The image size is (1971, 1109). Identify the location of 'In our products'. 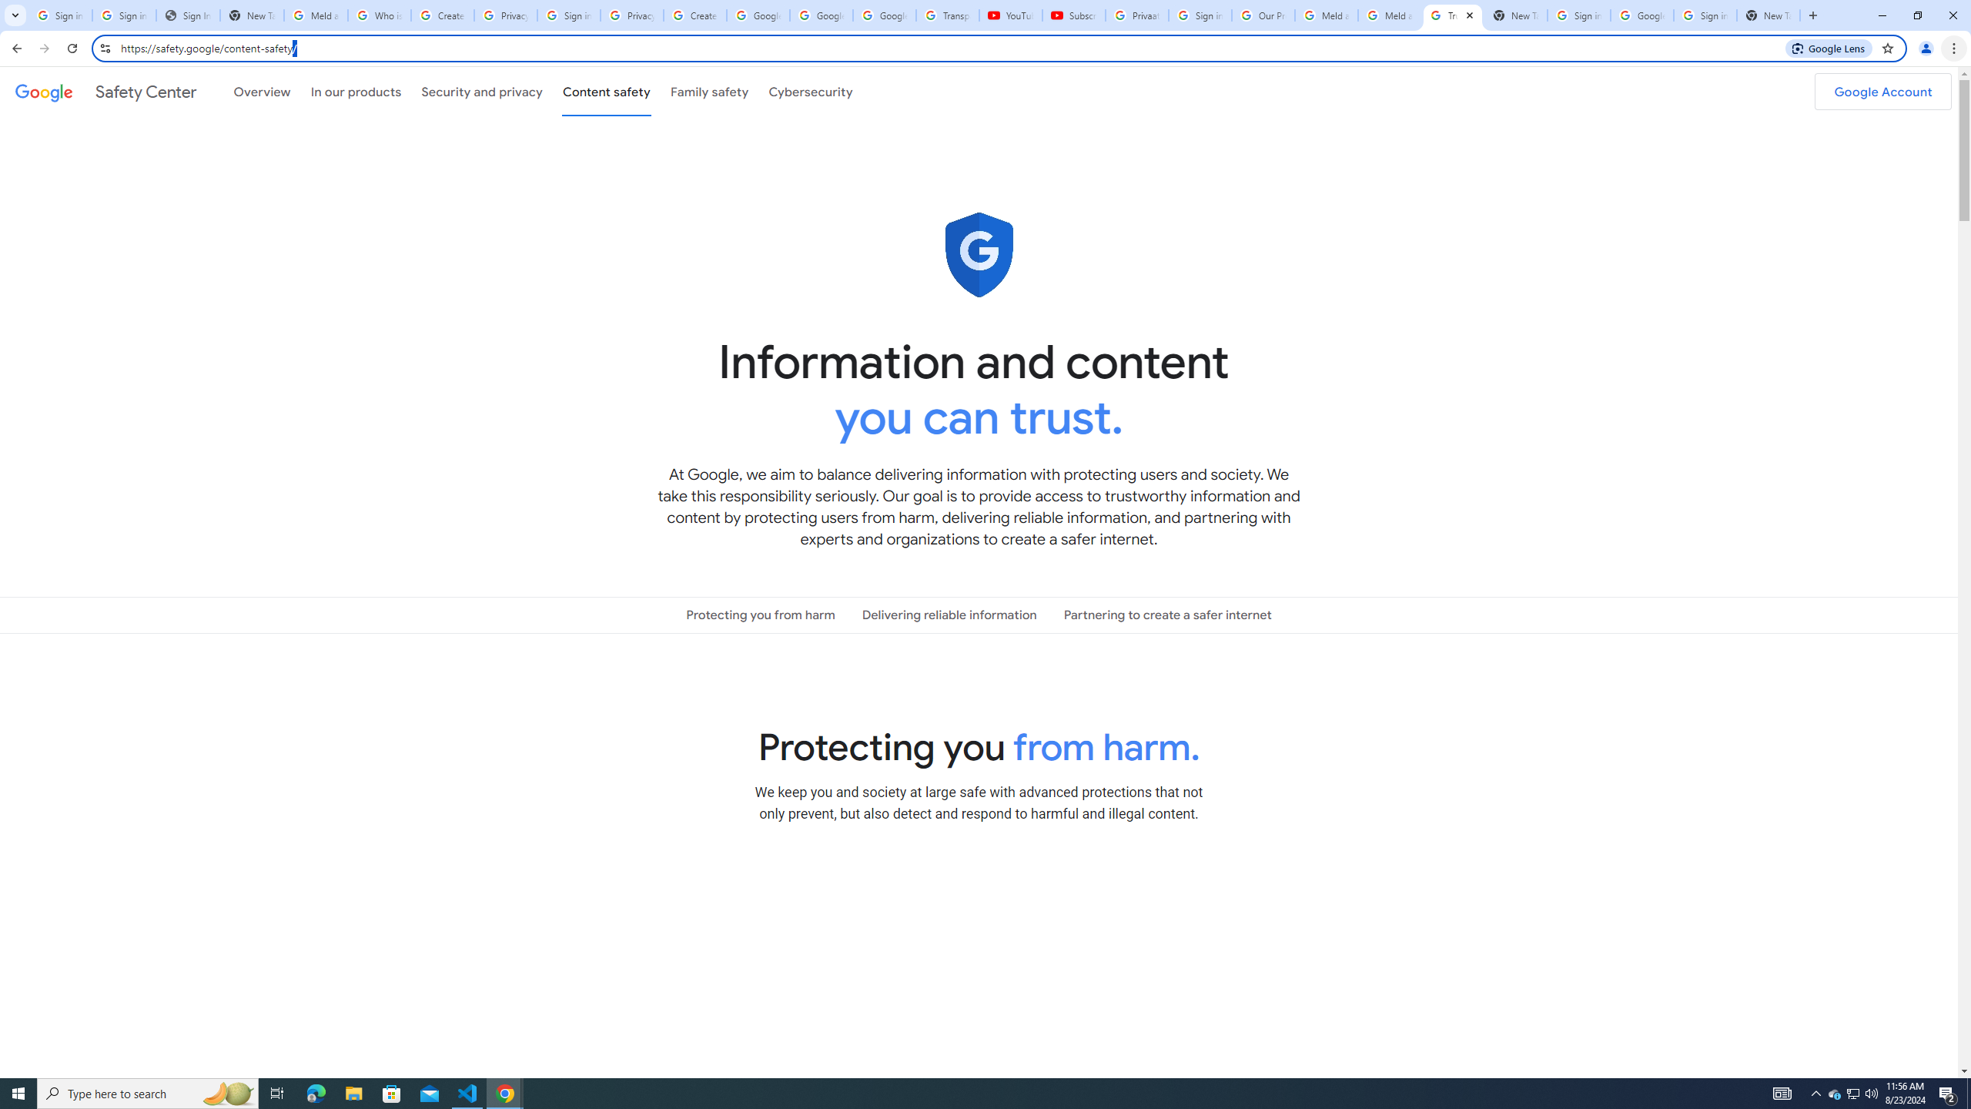
(355, 91).